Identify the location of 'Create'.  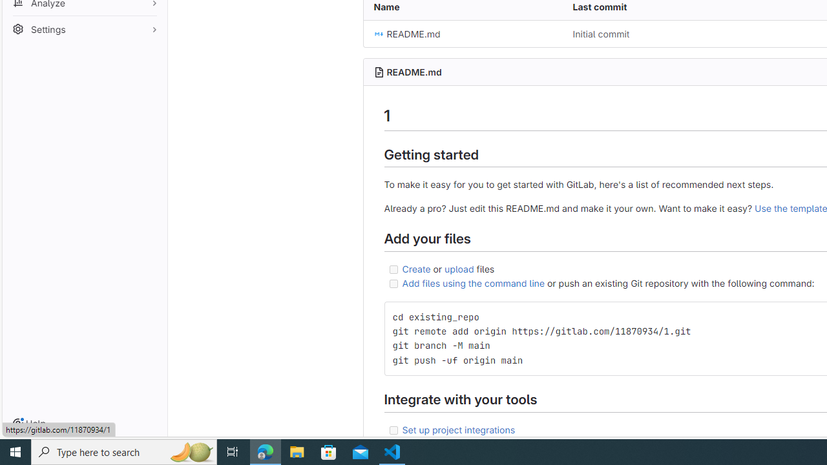
(416, 267).